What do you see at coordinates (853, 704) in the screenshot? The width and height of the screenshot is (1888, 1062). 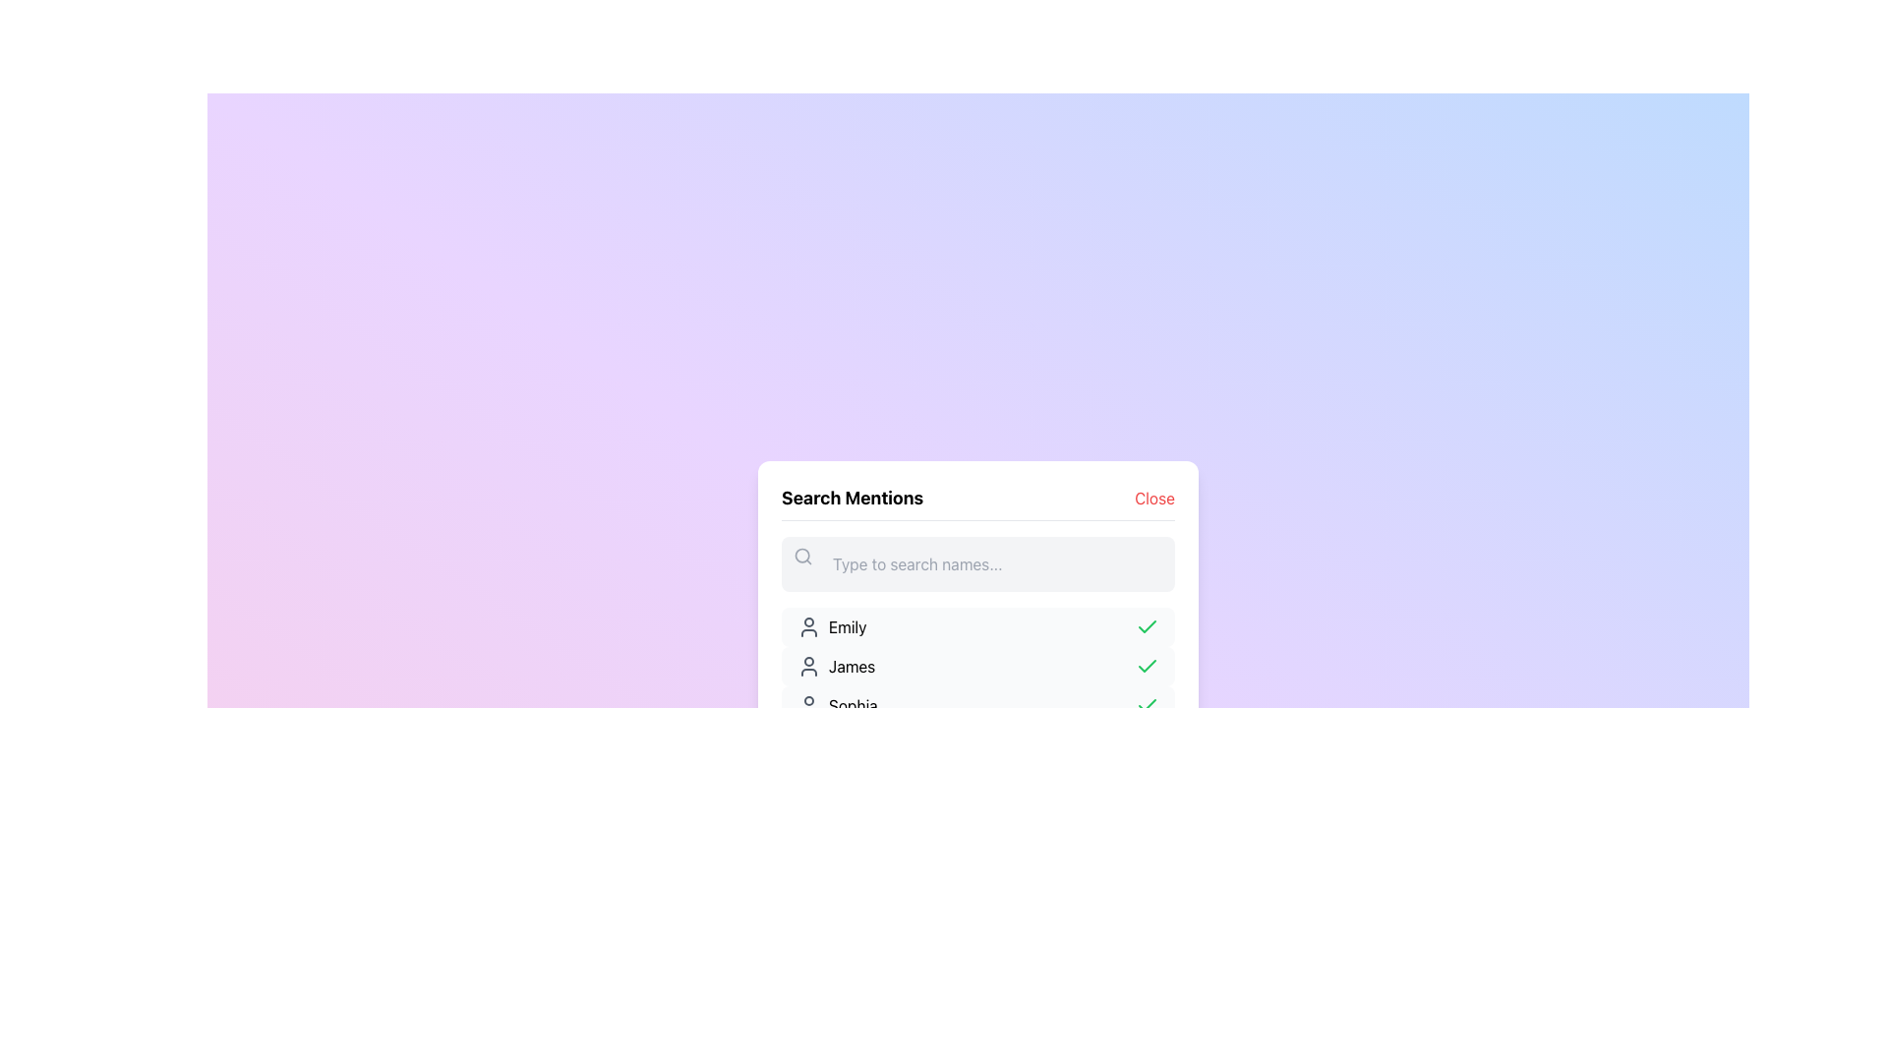 I see `the text label displaying the name 'Sophia' located in the third row of the search result list` at bounding box center [853, 704].